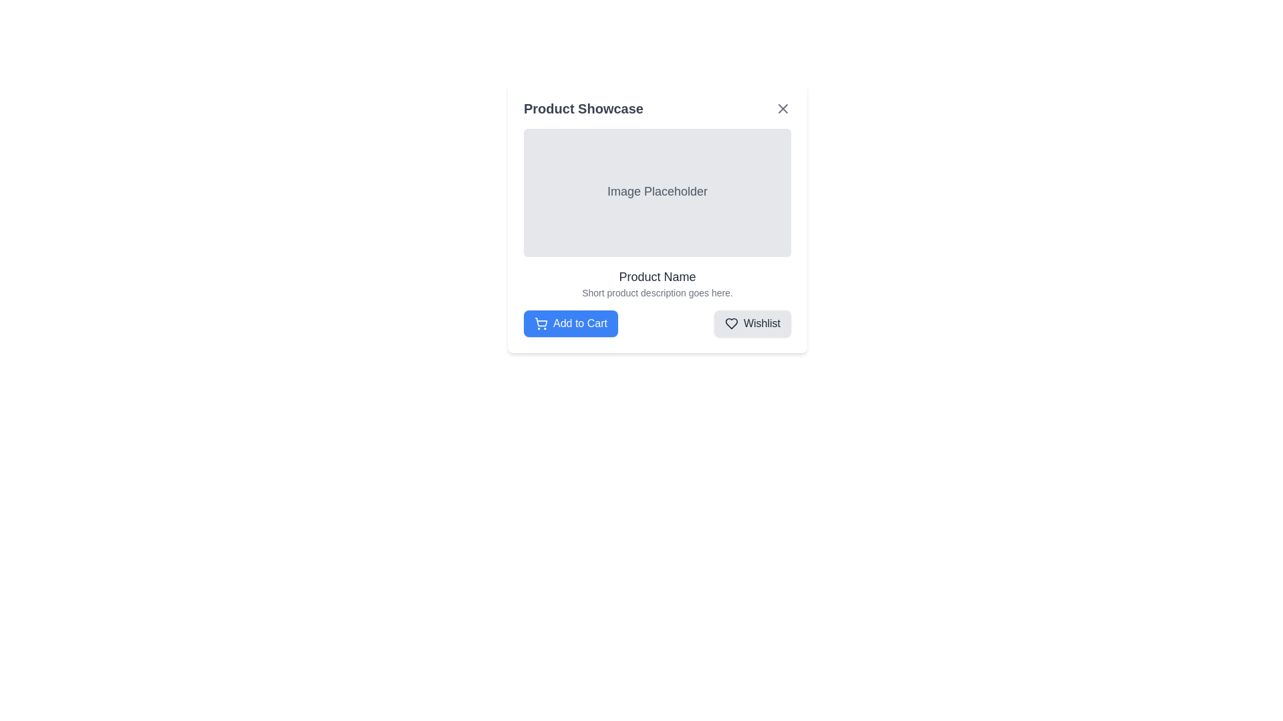  I want to click on text from the header label that specifies the name of the product, positioned at the top center of the product information card, so click(657, 276).